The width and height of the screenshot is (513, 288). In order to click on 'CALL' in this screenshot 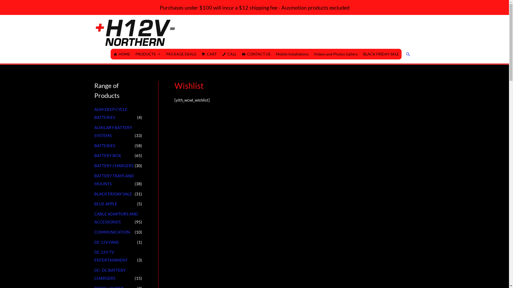, I will do `click(229, 54)`.